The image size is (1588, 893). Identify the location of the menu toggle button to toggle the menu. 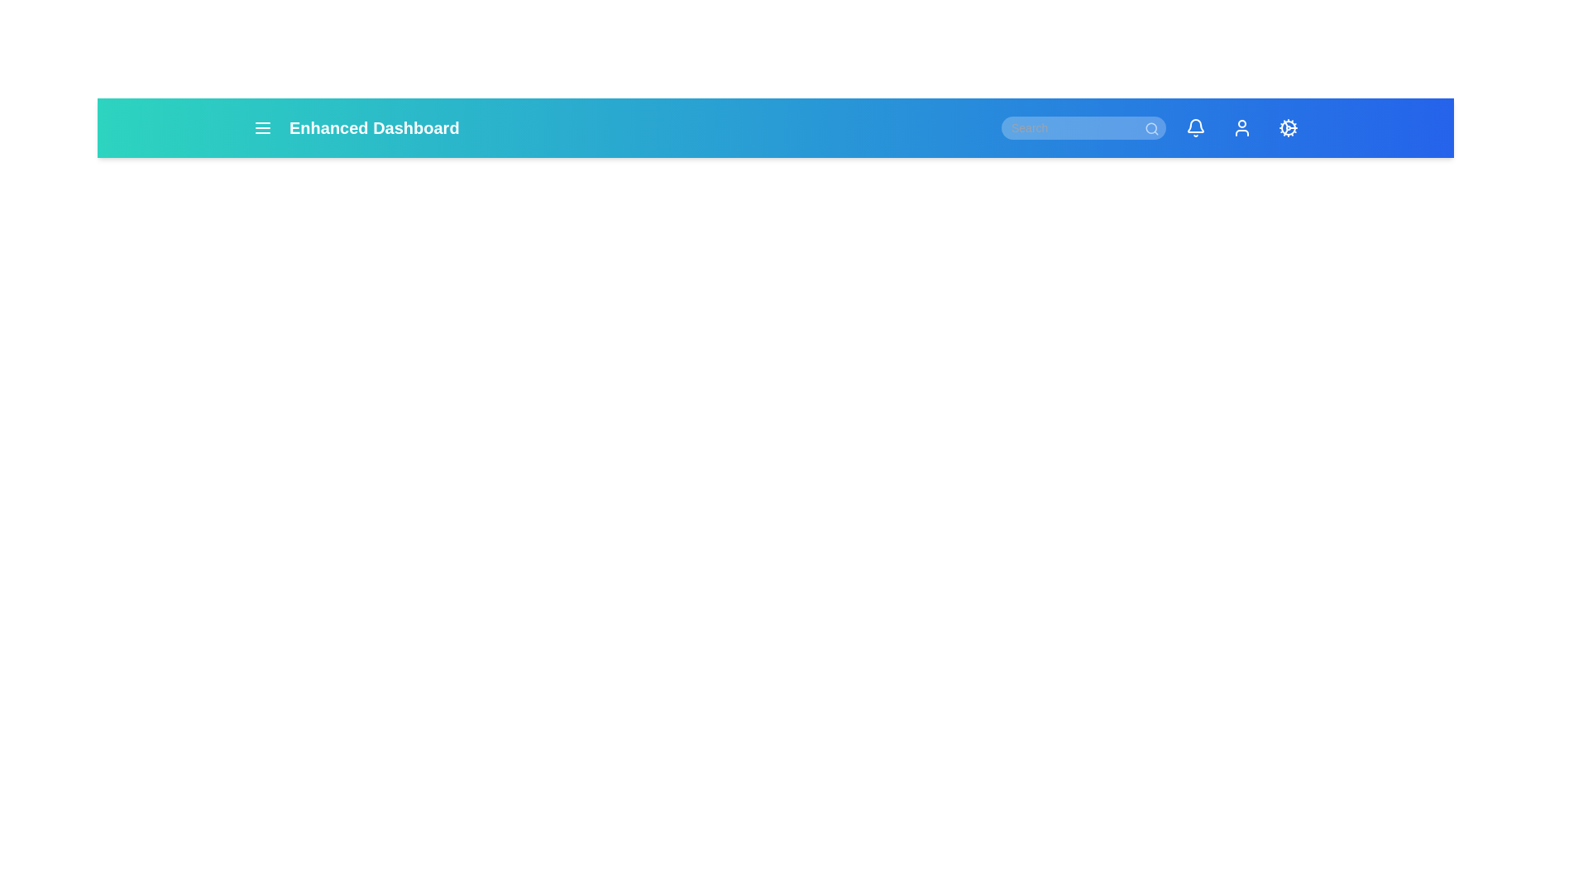
(261, 127).